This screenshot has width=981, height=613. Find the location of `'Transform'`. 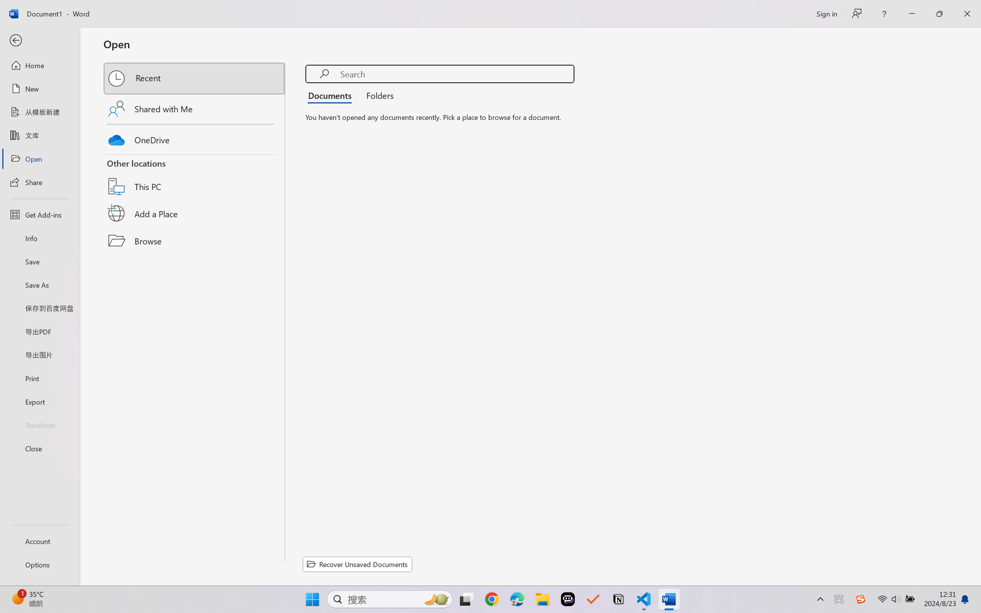

'Transform' is located at coordinates (39, 424).